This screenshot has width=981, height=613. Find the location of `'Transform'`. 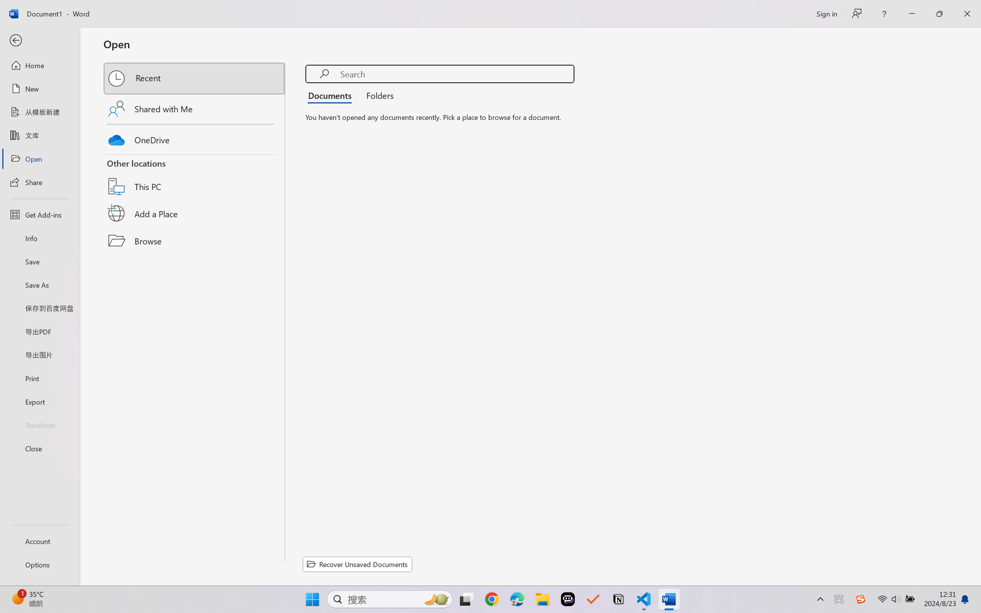

'Transform' is located at coordinates (39, 424).